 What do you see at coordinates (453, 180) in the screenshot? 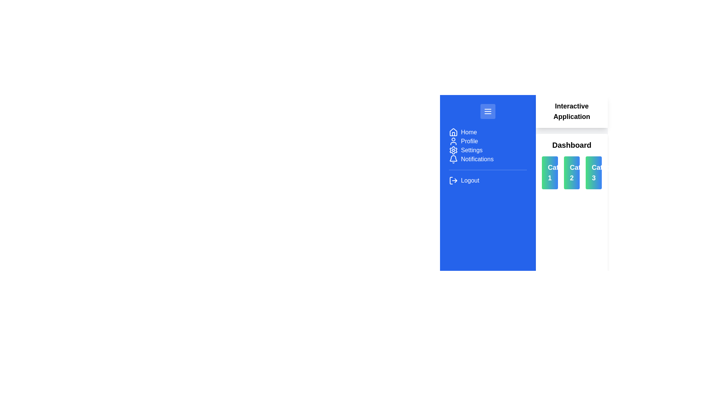
I see `the logout icon which is styled with a white arrow on a blue background, located at the bottom of the vertical navigation bar` at bounding box center [453, 180].